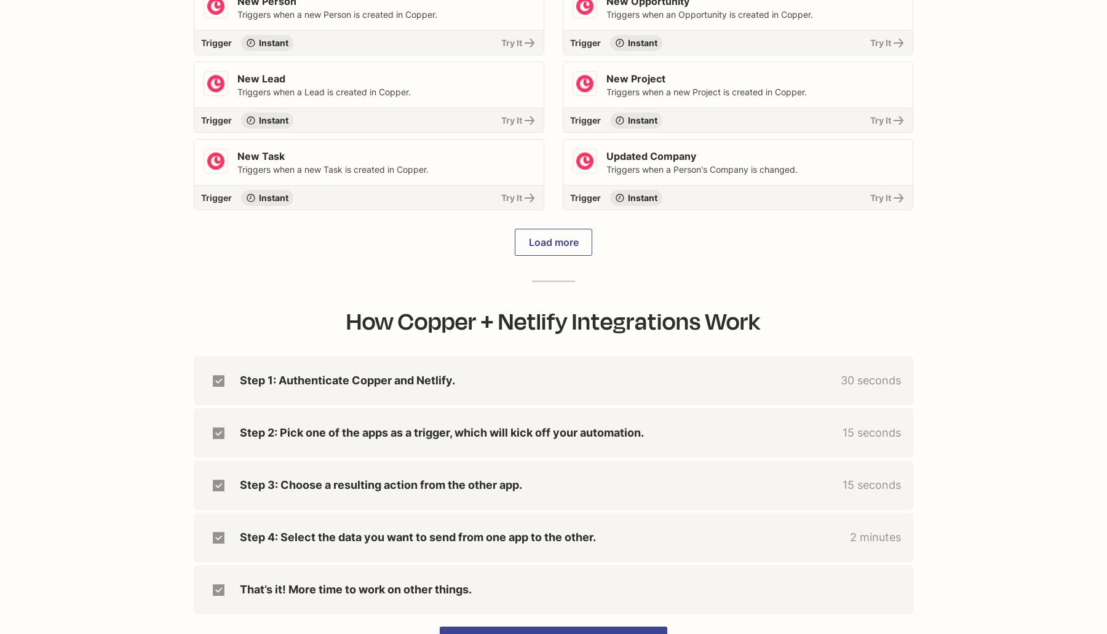 This screenshot has width=1107, height=634. I want to click on 'Triggers when a new Project is created in Copper.', so click(705, 91).